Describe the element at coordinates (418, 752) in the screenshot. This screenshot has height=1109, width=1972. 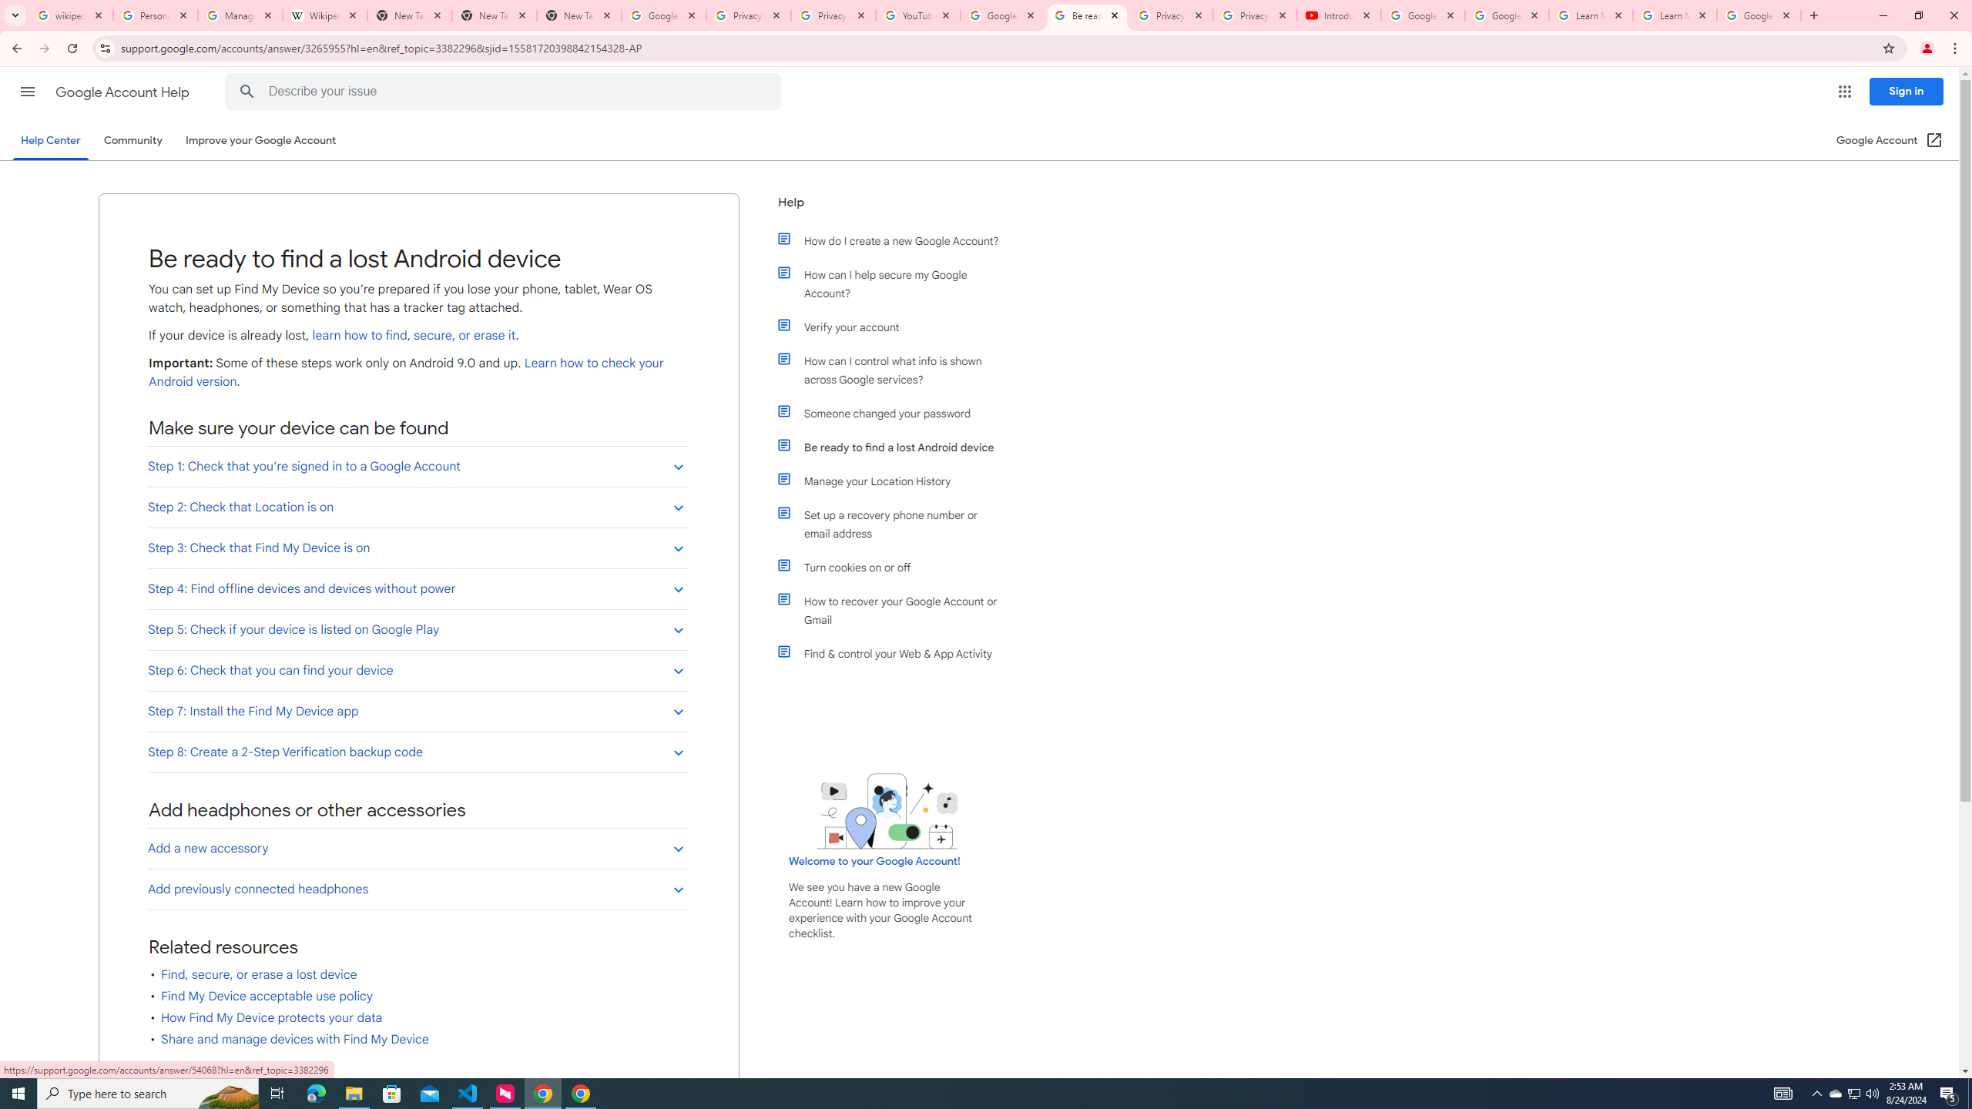
I see `'Step 8: Create a 2-Step Verification backup code'` at that location.